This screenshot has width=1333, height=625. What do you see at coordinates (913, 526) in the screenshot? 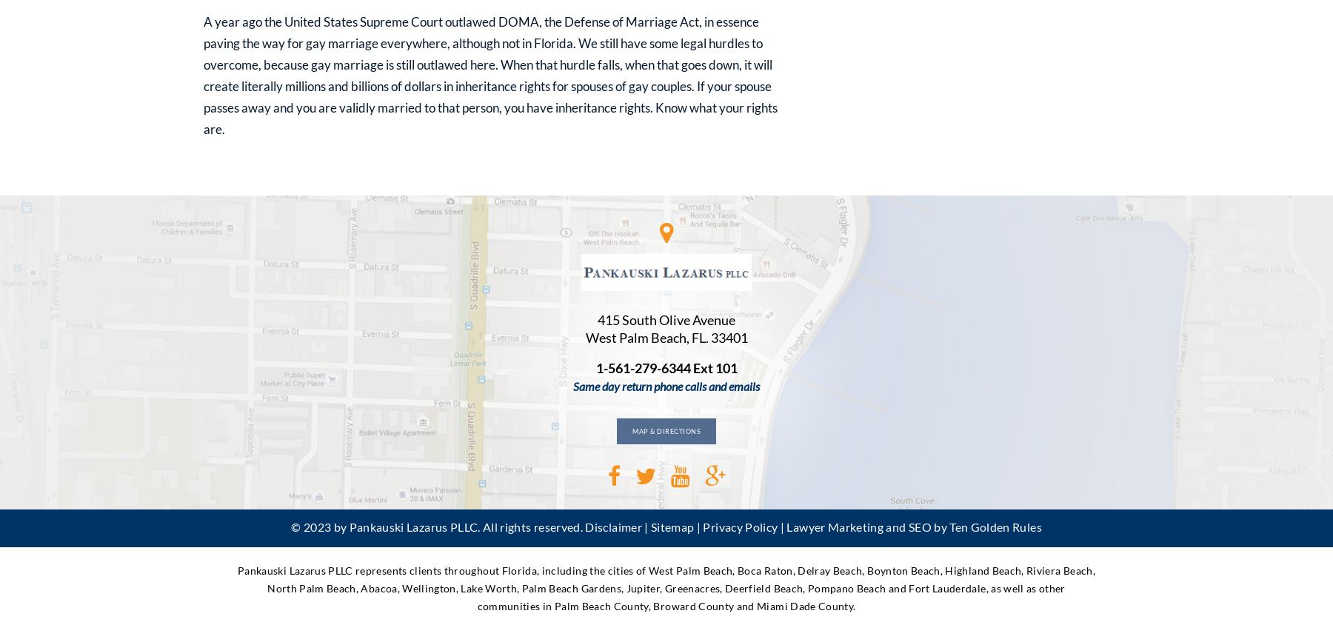
I see `'Lawyer Marketing and SEO by Ten Golden Rules'` at bounding box center [913, 526].